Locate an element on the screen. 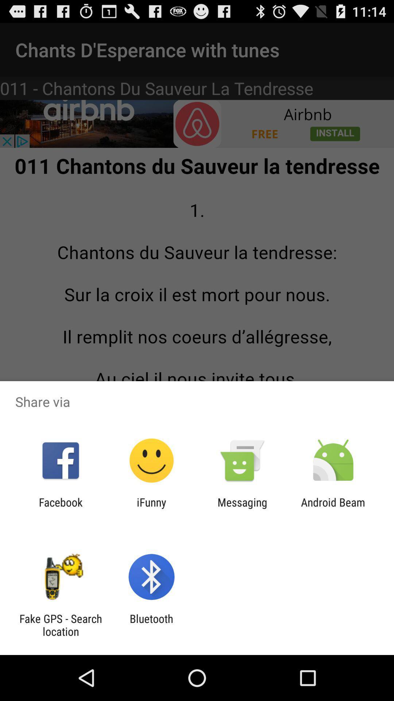 The width and height of the screenshot is (394, 701). item to the right of ifunny item is located at coordinates (242, 508).